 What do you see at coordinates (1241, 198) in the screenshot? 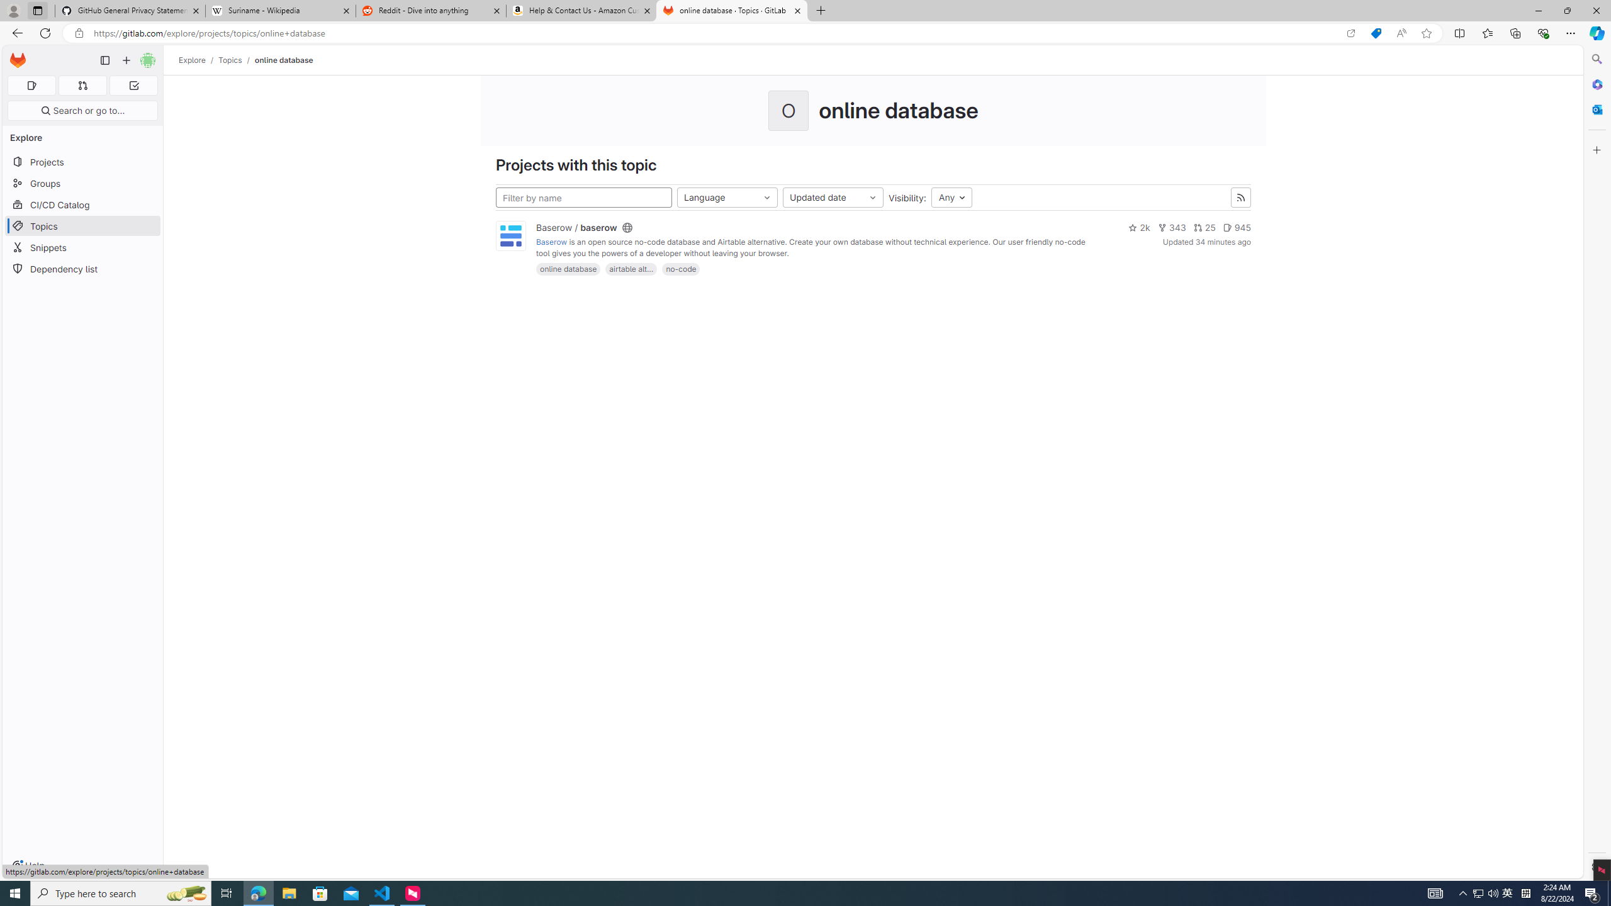
I see `'Subscribe to the new projects feed'` at bounding box center [1241, 198].